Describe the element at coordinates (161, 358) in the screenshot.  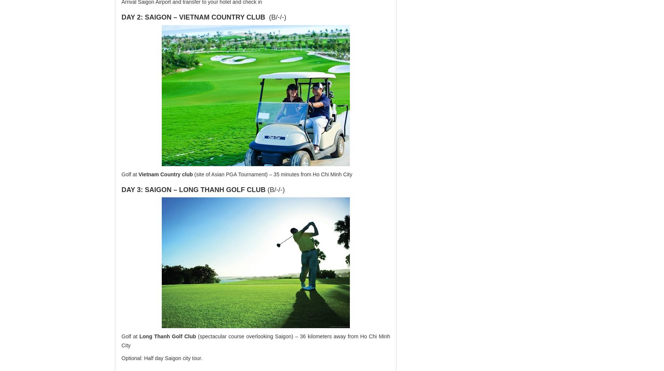
I see `'Optional: Half day Saigon city tour.'` at that location.